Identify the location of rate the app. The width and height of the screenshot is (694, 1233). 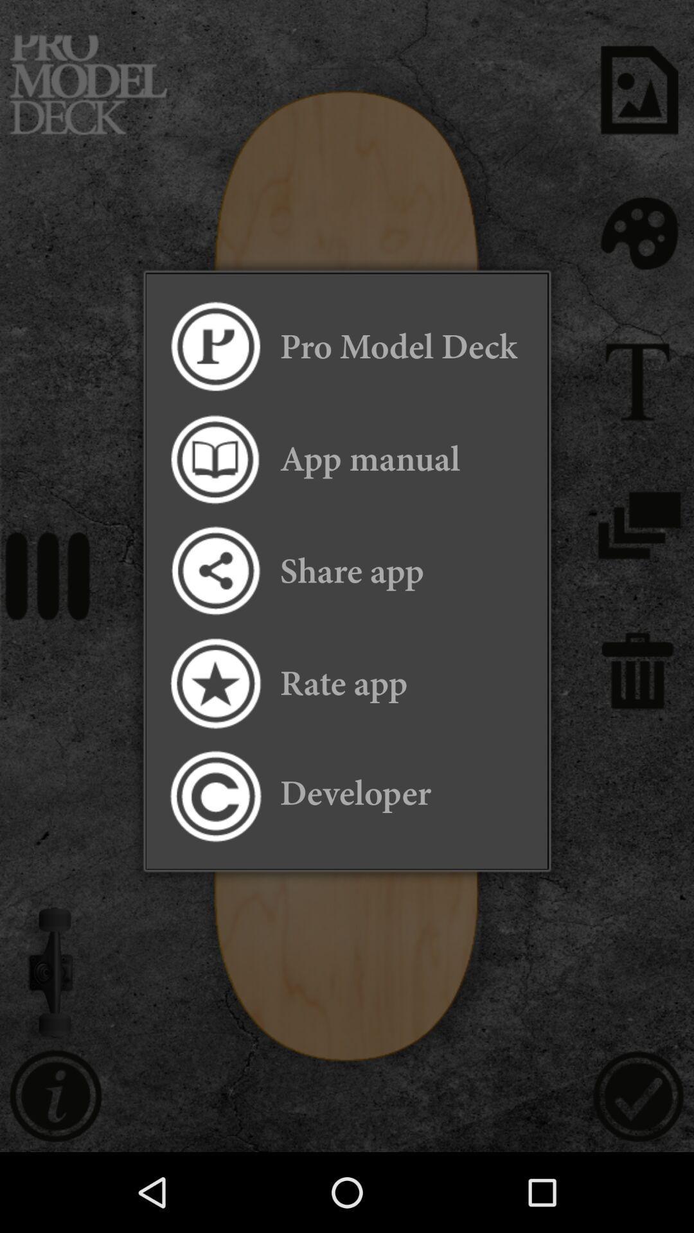
(214, 683).